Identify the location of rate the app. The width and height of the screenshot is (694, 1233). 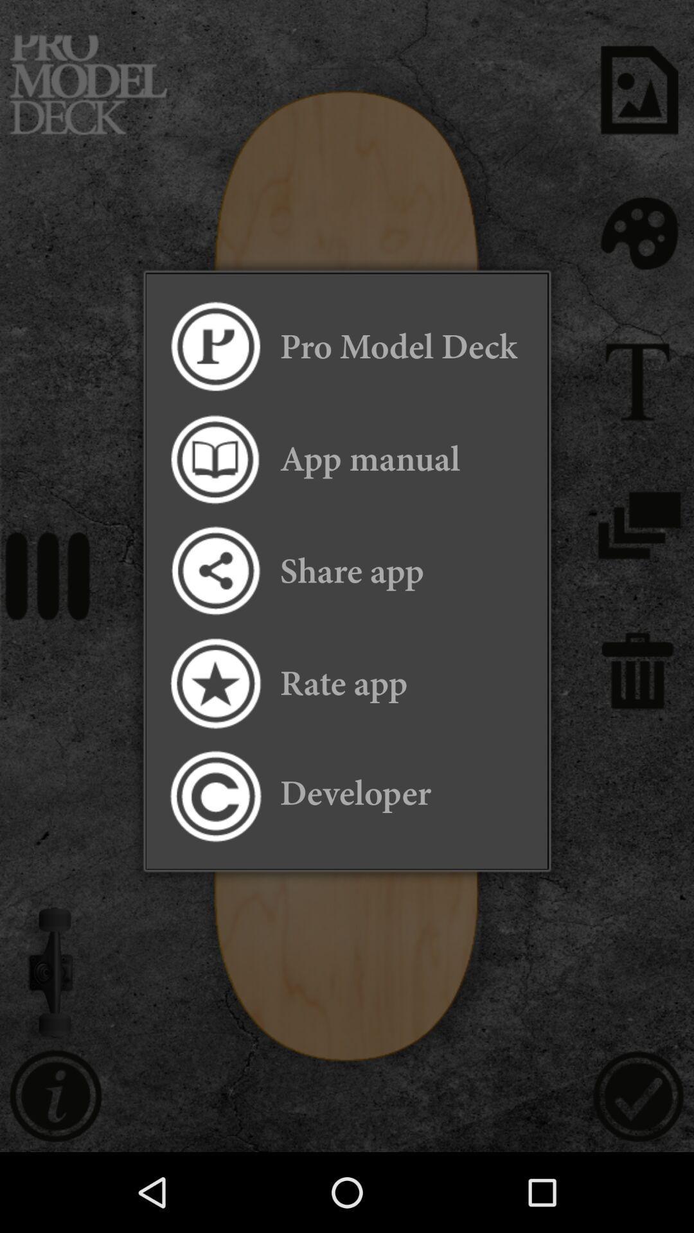
(214, 683).